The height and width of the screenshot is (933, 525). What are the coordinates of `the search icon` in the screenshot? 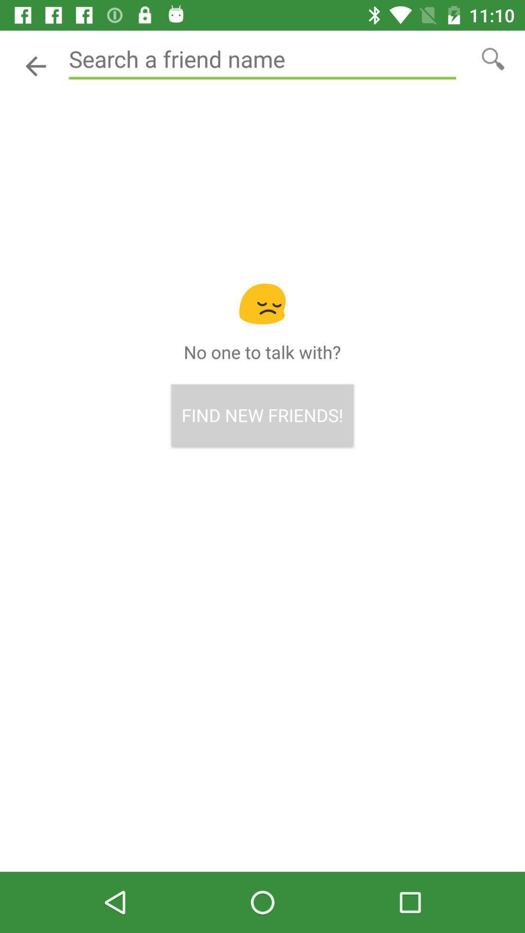 It's located at (493, 58).